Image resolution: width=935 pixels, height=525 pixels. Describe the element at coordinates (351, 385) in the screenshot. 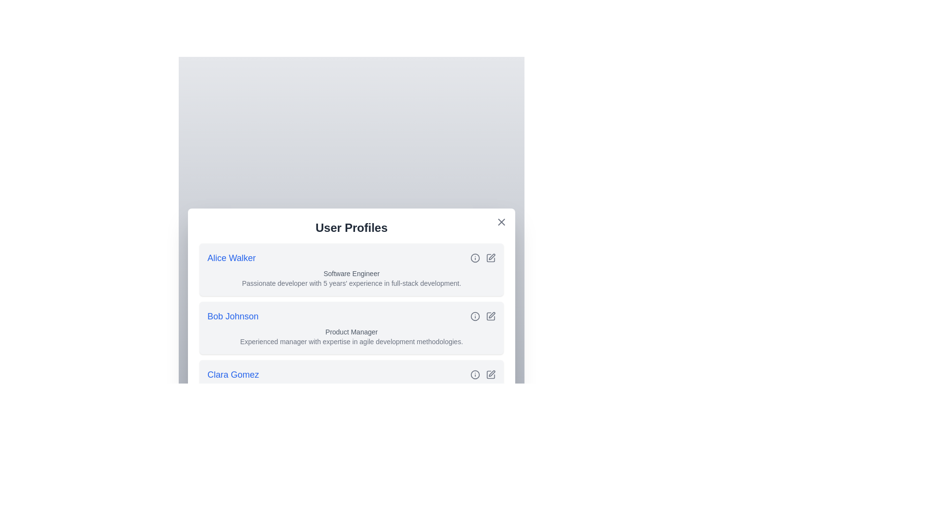

I see `the user profile item for Clara Gomez` at that location.